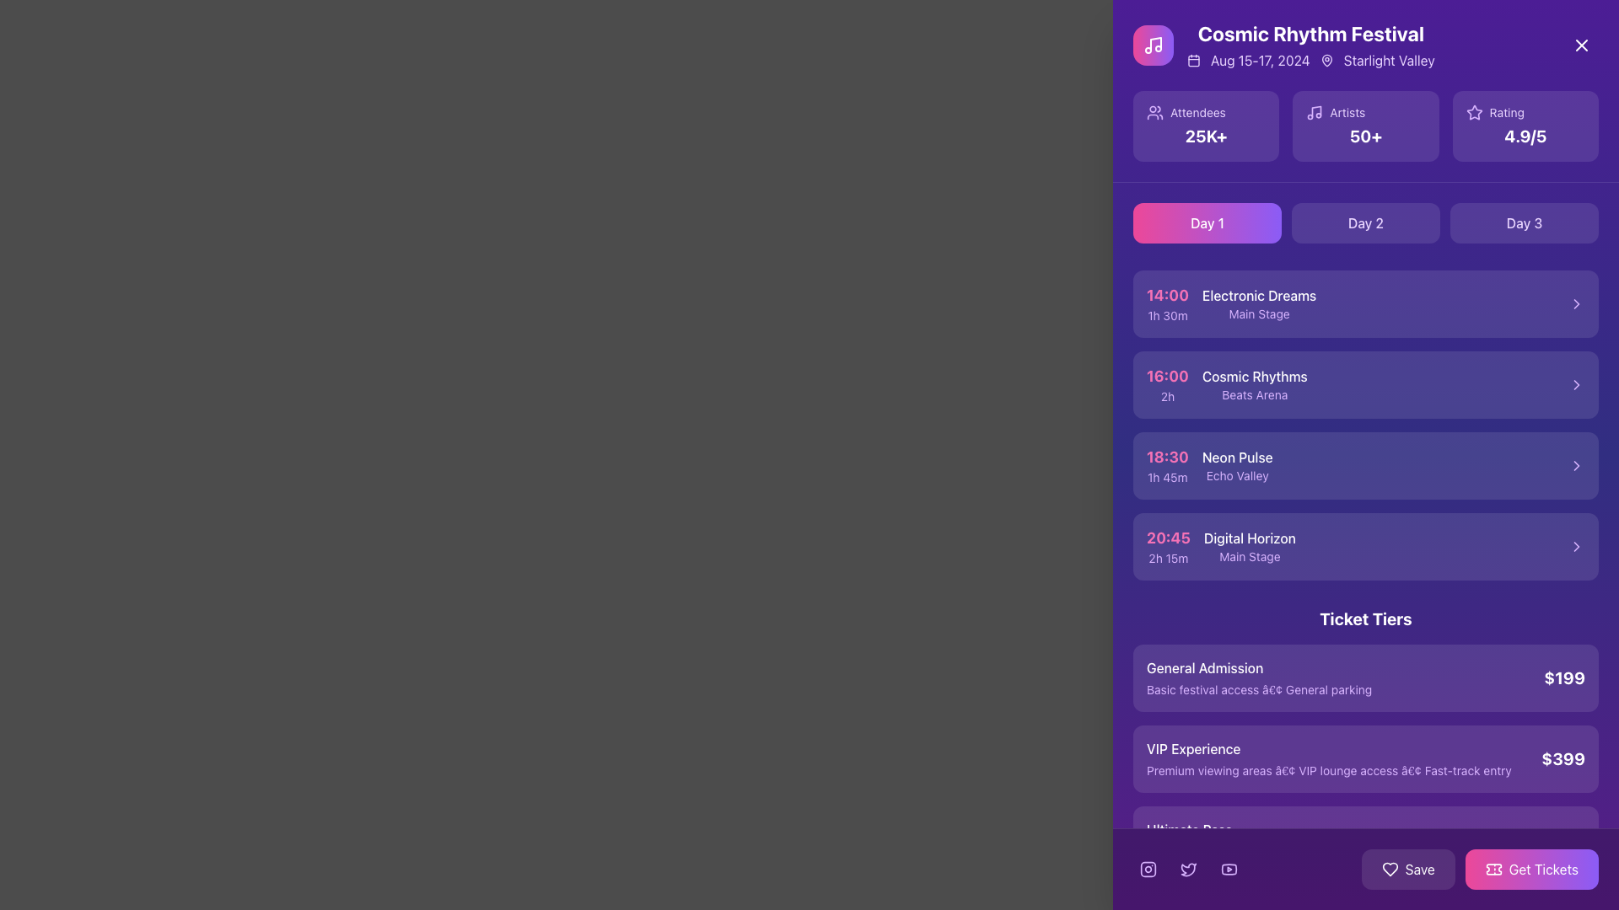  Describe the element at coordinates (1366, 677) in the screenshot. I see `details of the ticket tier labeled 'General Admission' with a price of '$199', located in the 'Ticket Tiers' section` at that location.